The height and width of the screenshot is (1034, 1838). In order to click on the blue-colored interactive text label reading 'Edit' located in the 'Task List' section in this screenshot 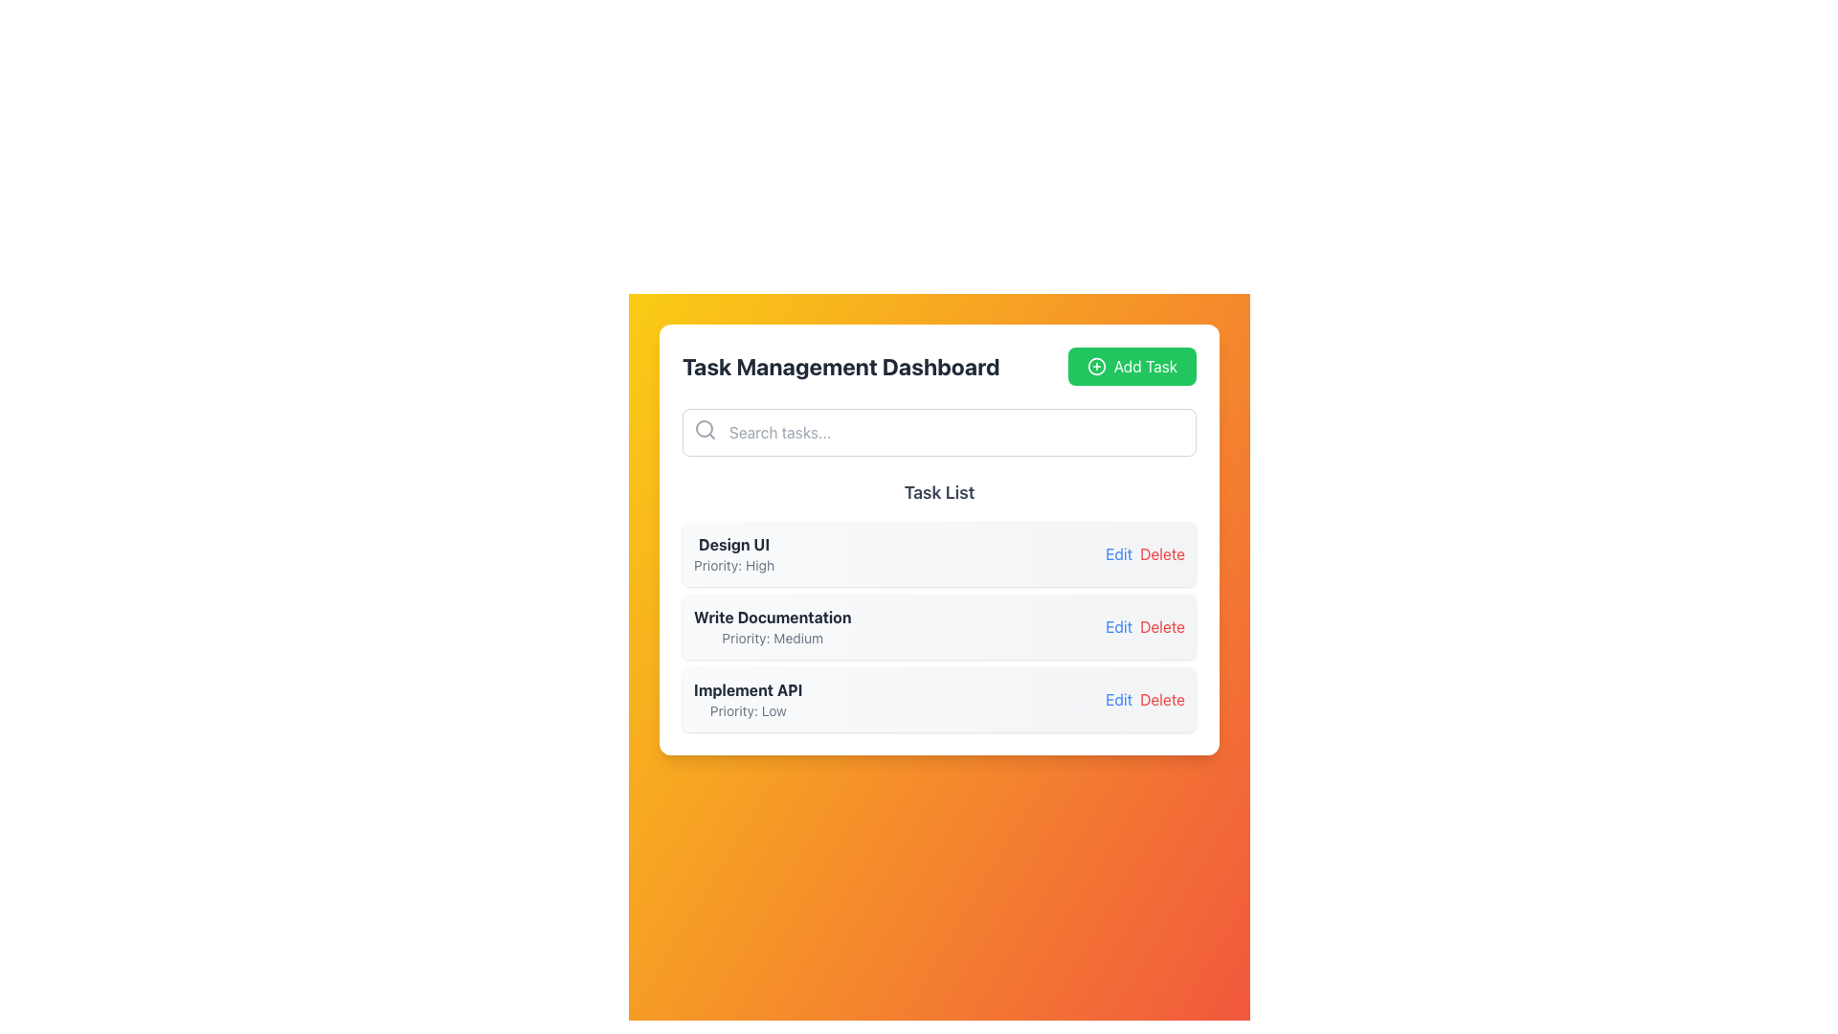, I will do `click(1119, 627)`.